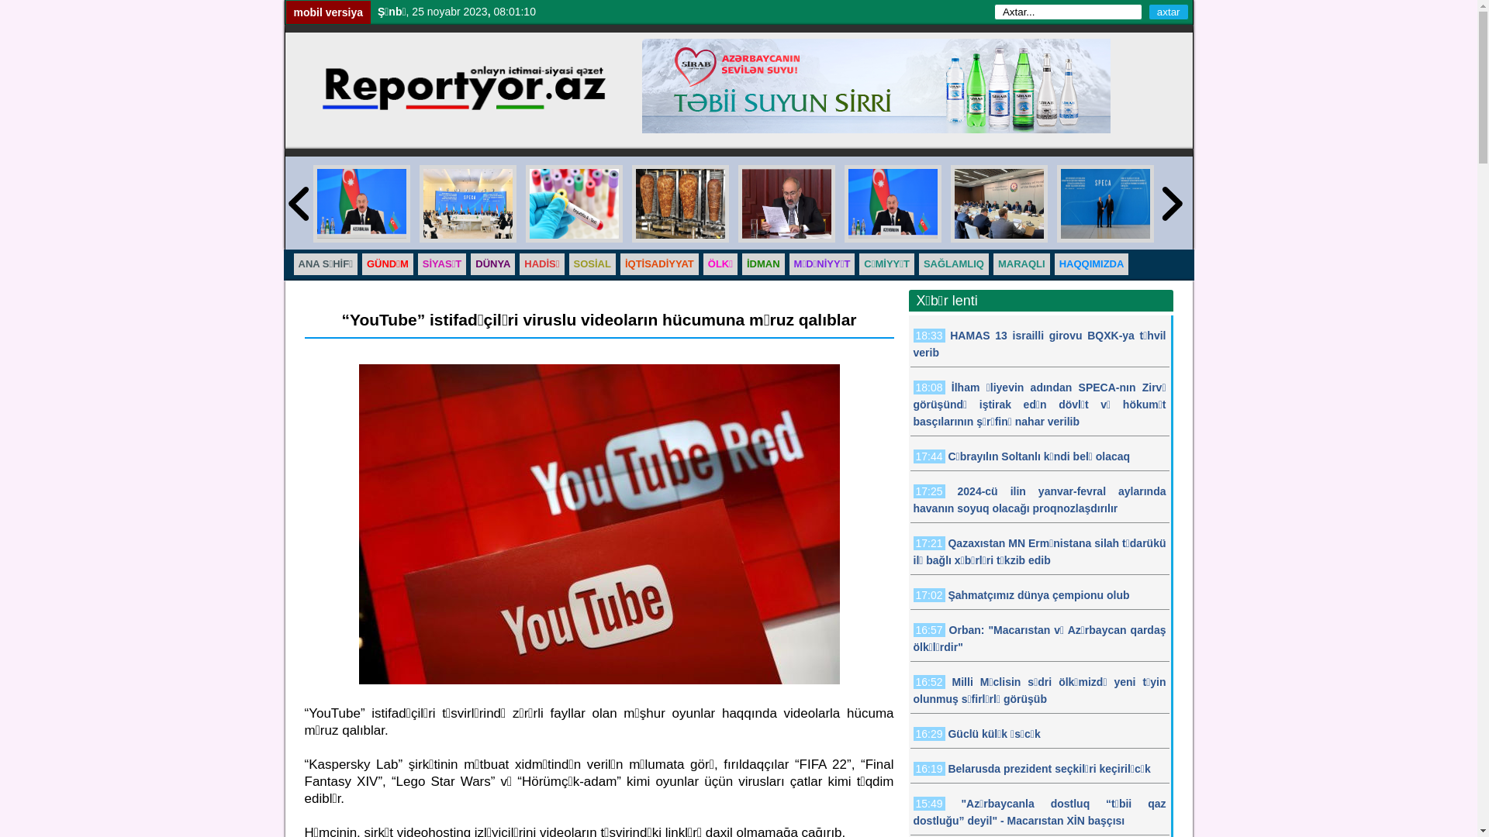  Describe the element at coordinates (1021, 263) in the screenshot. I see `'MARAQLI'` at that location.